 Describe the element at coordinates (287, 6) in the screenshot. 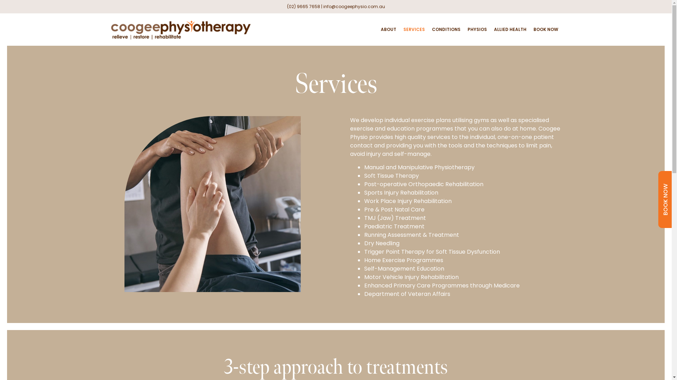

I see `'(02) 9665 7658'` at that location.